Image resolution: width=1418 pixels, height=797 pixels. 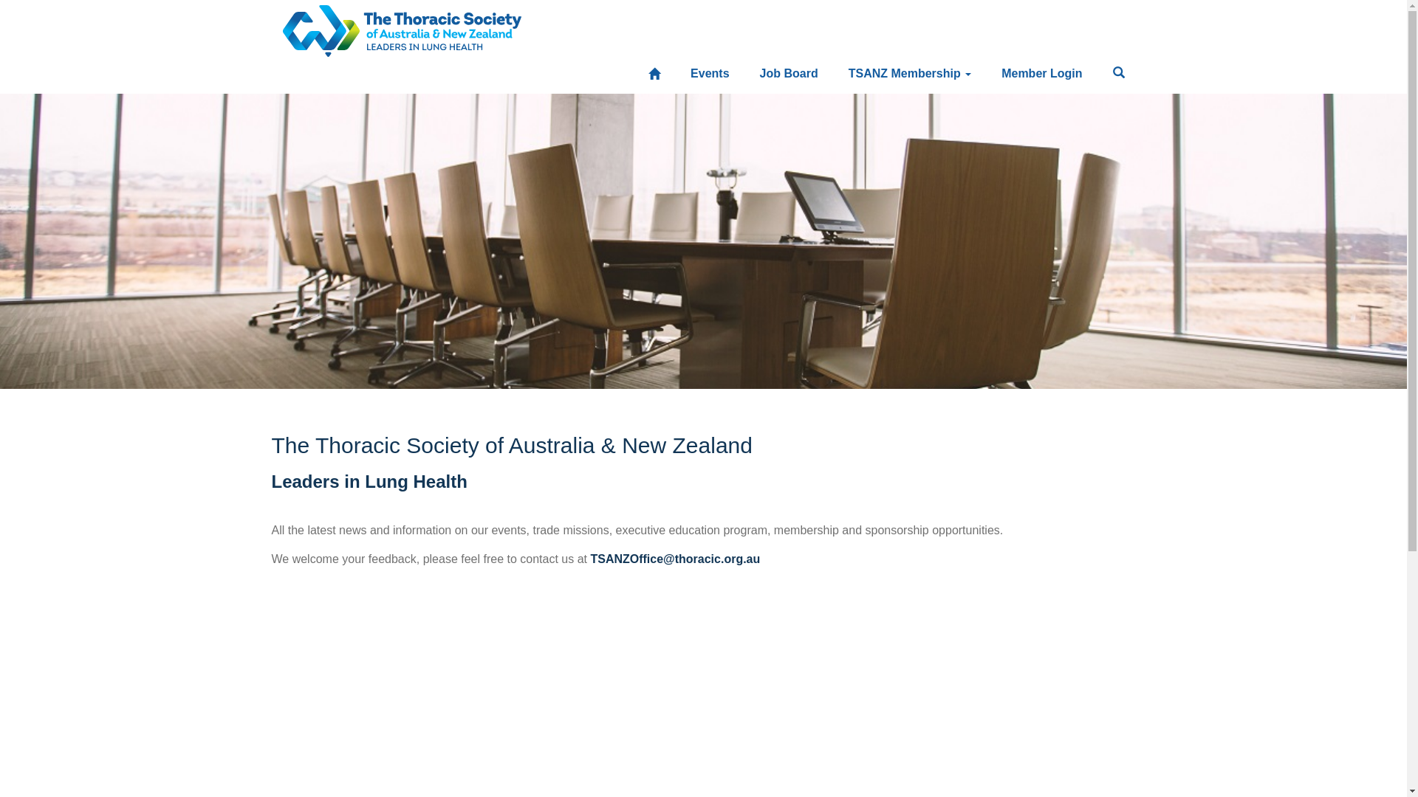 I want to click on 'Events', so click(x=709, y=74).